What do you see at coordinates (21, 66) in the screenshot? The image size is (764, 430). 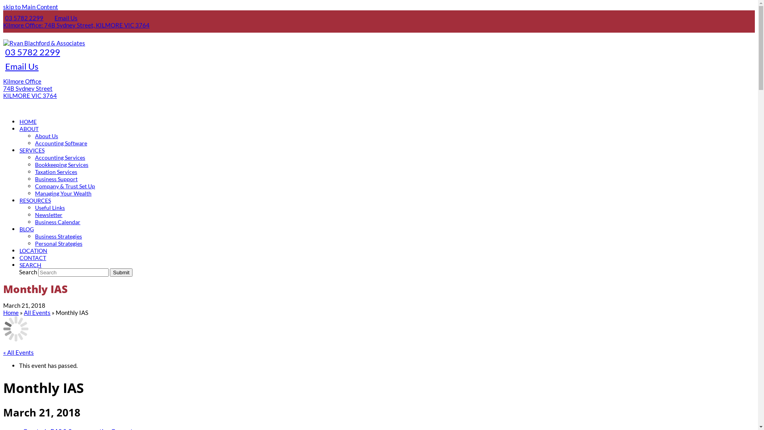 I see `'Email Us'` at bounding box center [21, 66].